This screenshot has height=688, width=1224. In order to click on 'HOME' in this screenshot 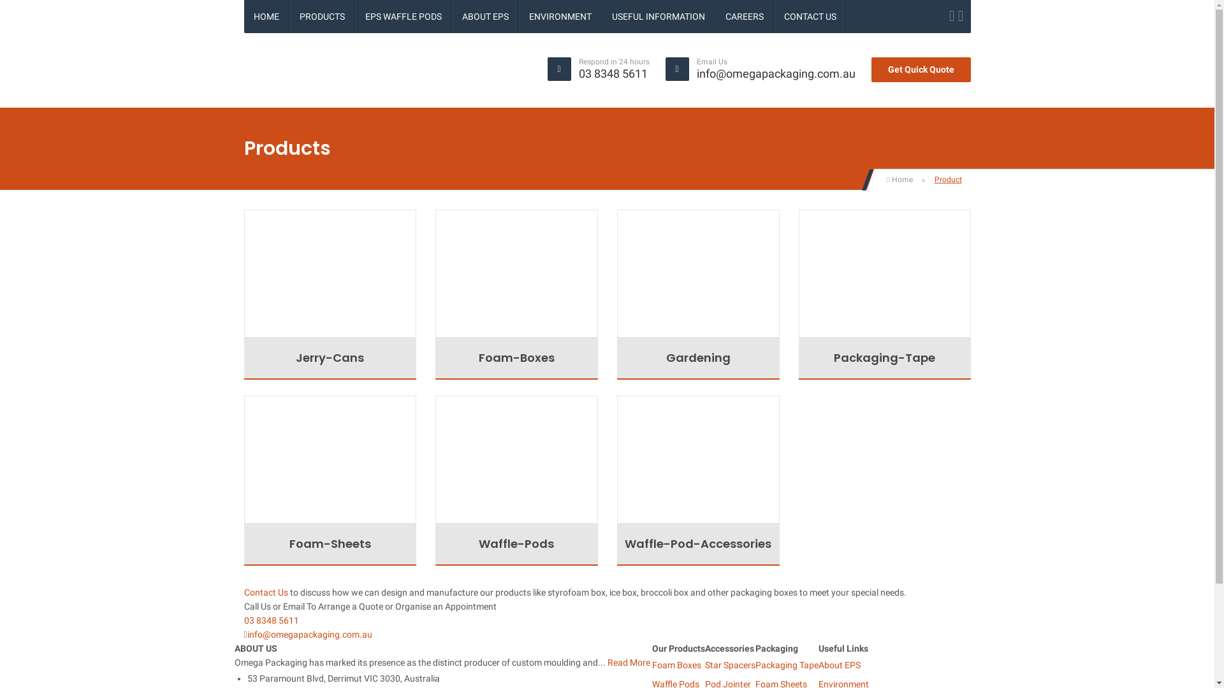, I will do `click(244, 17)`.